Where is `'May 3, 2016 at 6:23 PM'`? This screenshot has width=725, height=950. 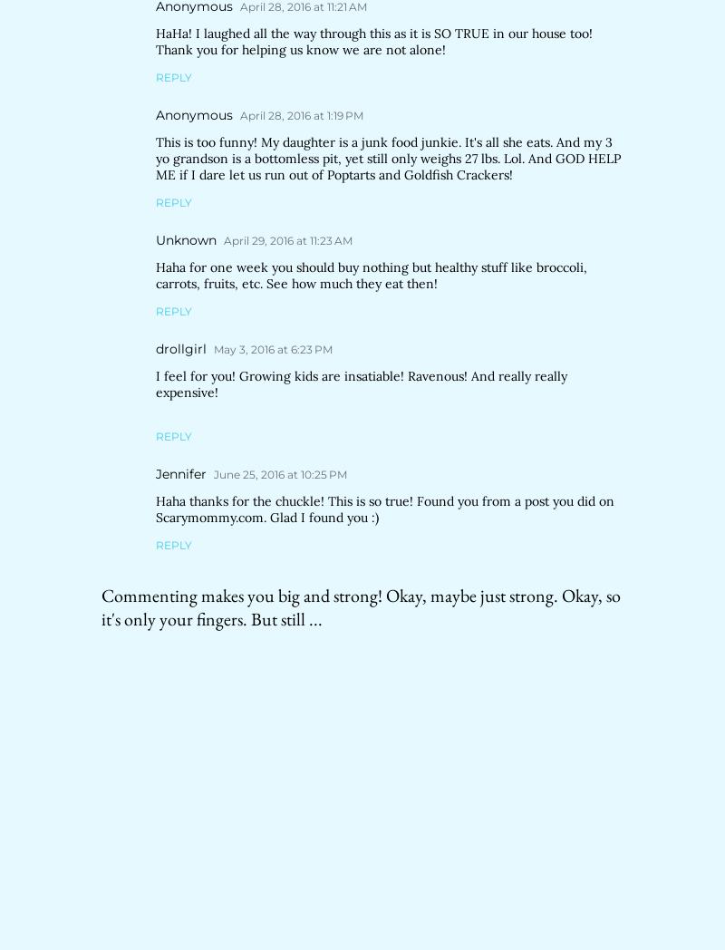
'May 3, 2016 at 6:23 PM' is located at coordinates (272, 348).